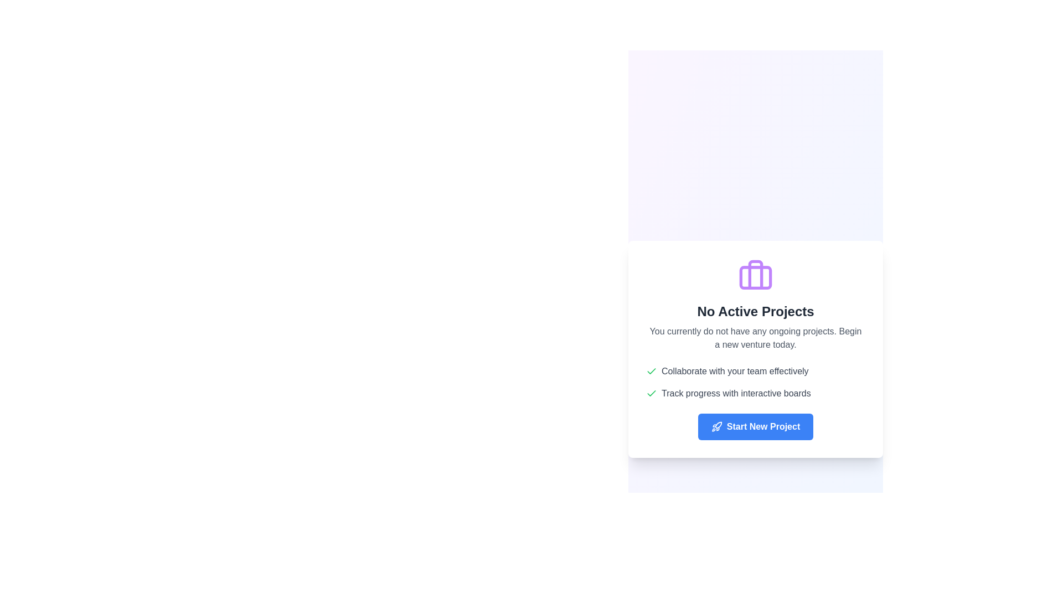  Describe the element at coordinates (651, 372) in the screenshot. I see `the completed icon that represents the feature 'Collaborate with your team effectively', located left aligned to the corresponding text in the 'No Active Projects' section` at that location.